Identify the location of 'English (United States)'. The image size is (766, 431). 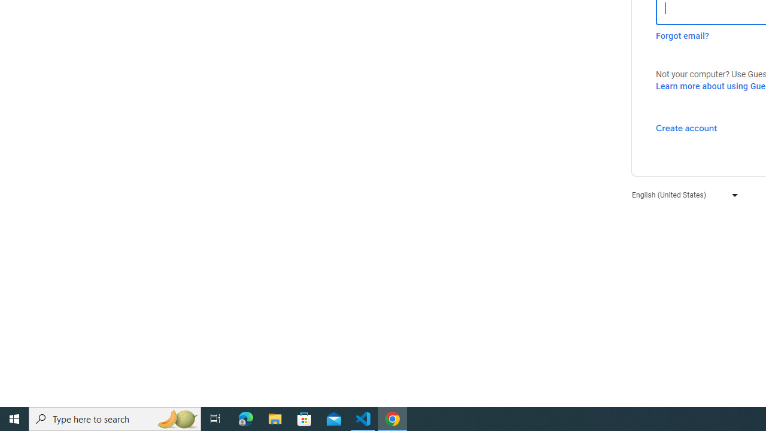
(682, 194).